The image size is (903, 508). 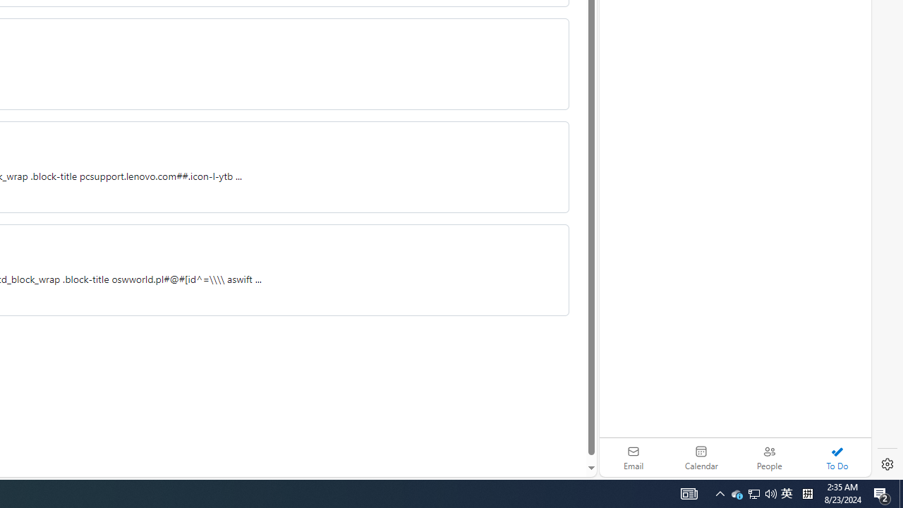 What do you see at coordinates (837, 457) in the screenshot?
I see `'To Do'` at bounding box center [837, 457].